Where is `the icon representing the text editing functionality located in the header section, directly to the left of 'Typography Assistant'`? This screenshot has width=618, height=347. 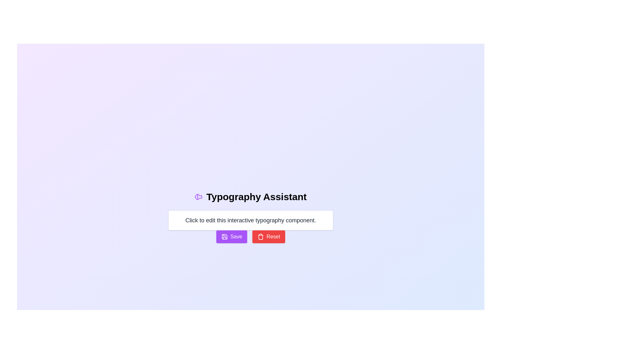
the icon representing the text editing functionality located in the header section, directly to the left of 'Typography Assistant' is located at coordinates (198, 197).